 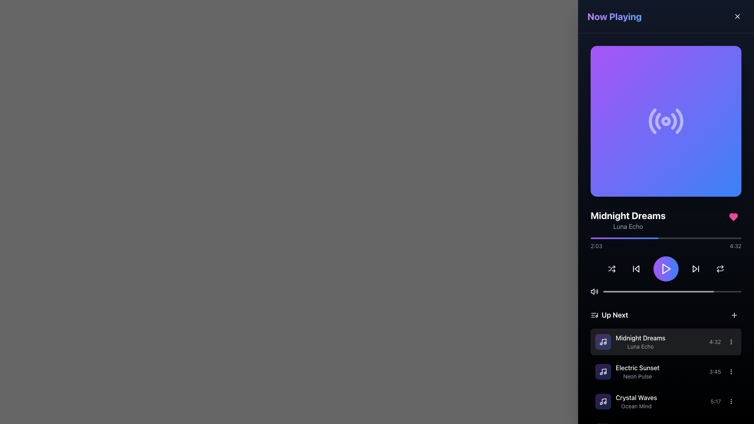 What do you see at coordinates (716, 401) in the screenshot?
I see `the text-based label displaying the duration of the 'Crystal Waves' track in the playlist` at bounding box center [716, 401].